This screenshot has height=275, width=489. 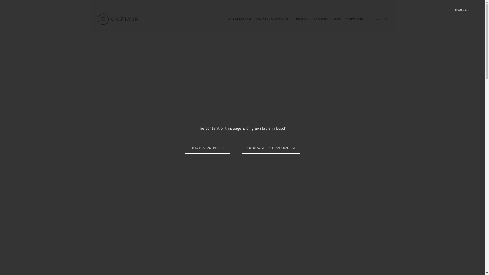 I want to click on 'NEWS', so click(x=336, y=19).